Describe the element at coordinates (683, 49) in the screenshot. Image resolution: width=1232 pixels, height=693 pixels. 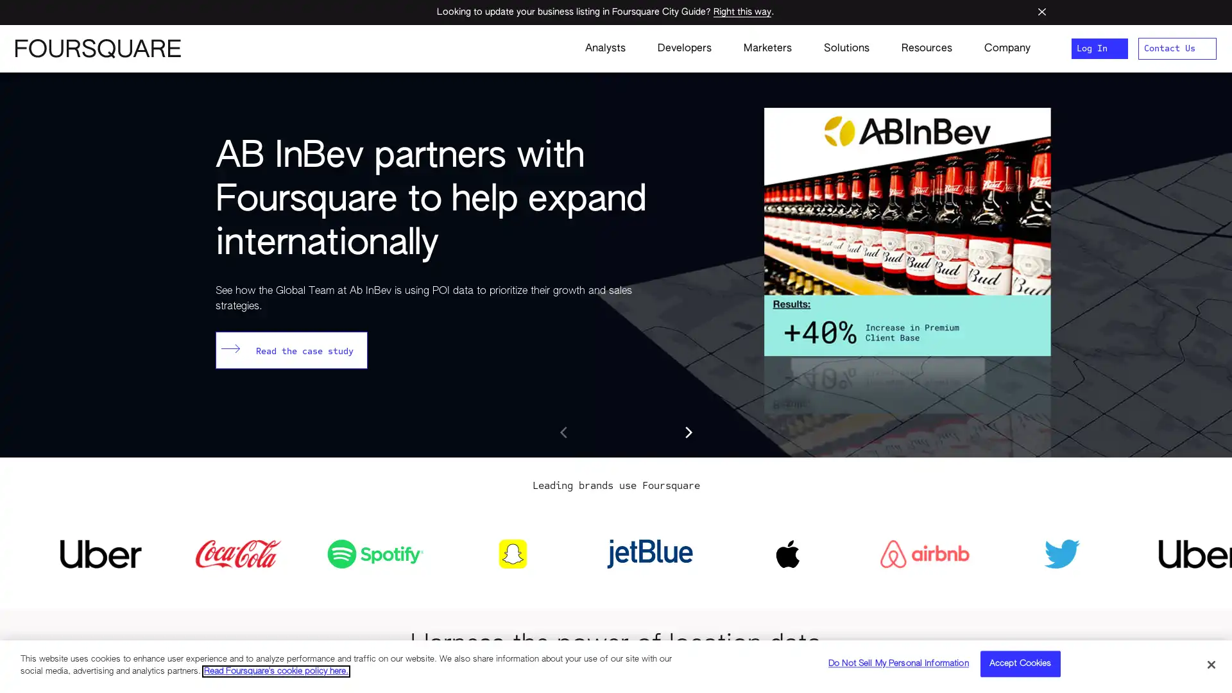
I see `Developers` at that location.